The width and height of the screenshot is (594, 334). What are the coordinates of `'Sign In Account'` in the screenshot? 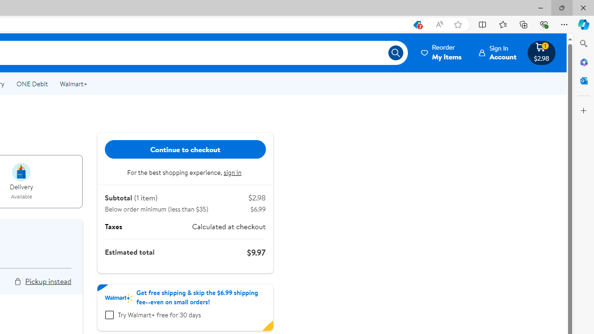 It's located at (497, 52).